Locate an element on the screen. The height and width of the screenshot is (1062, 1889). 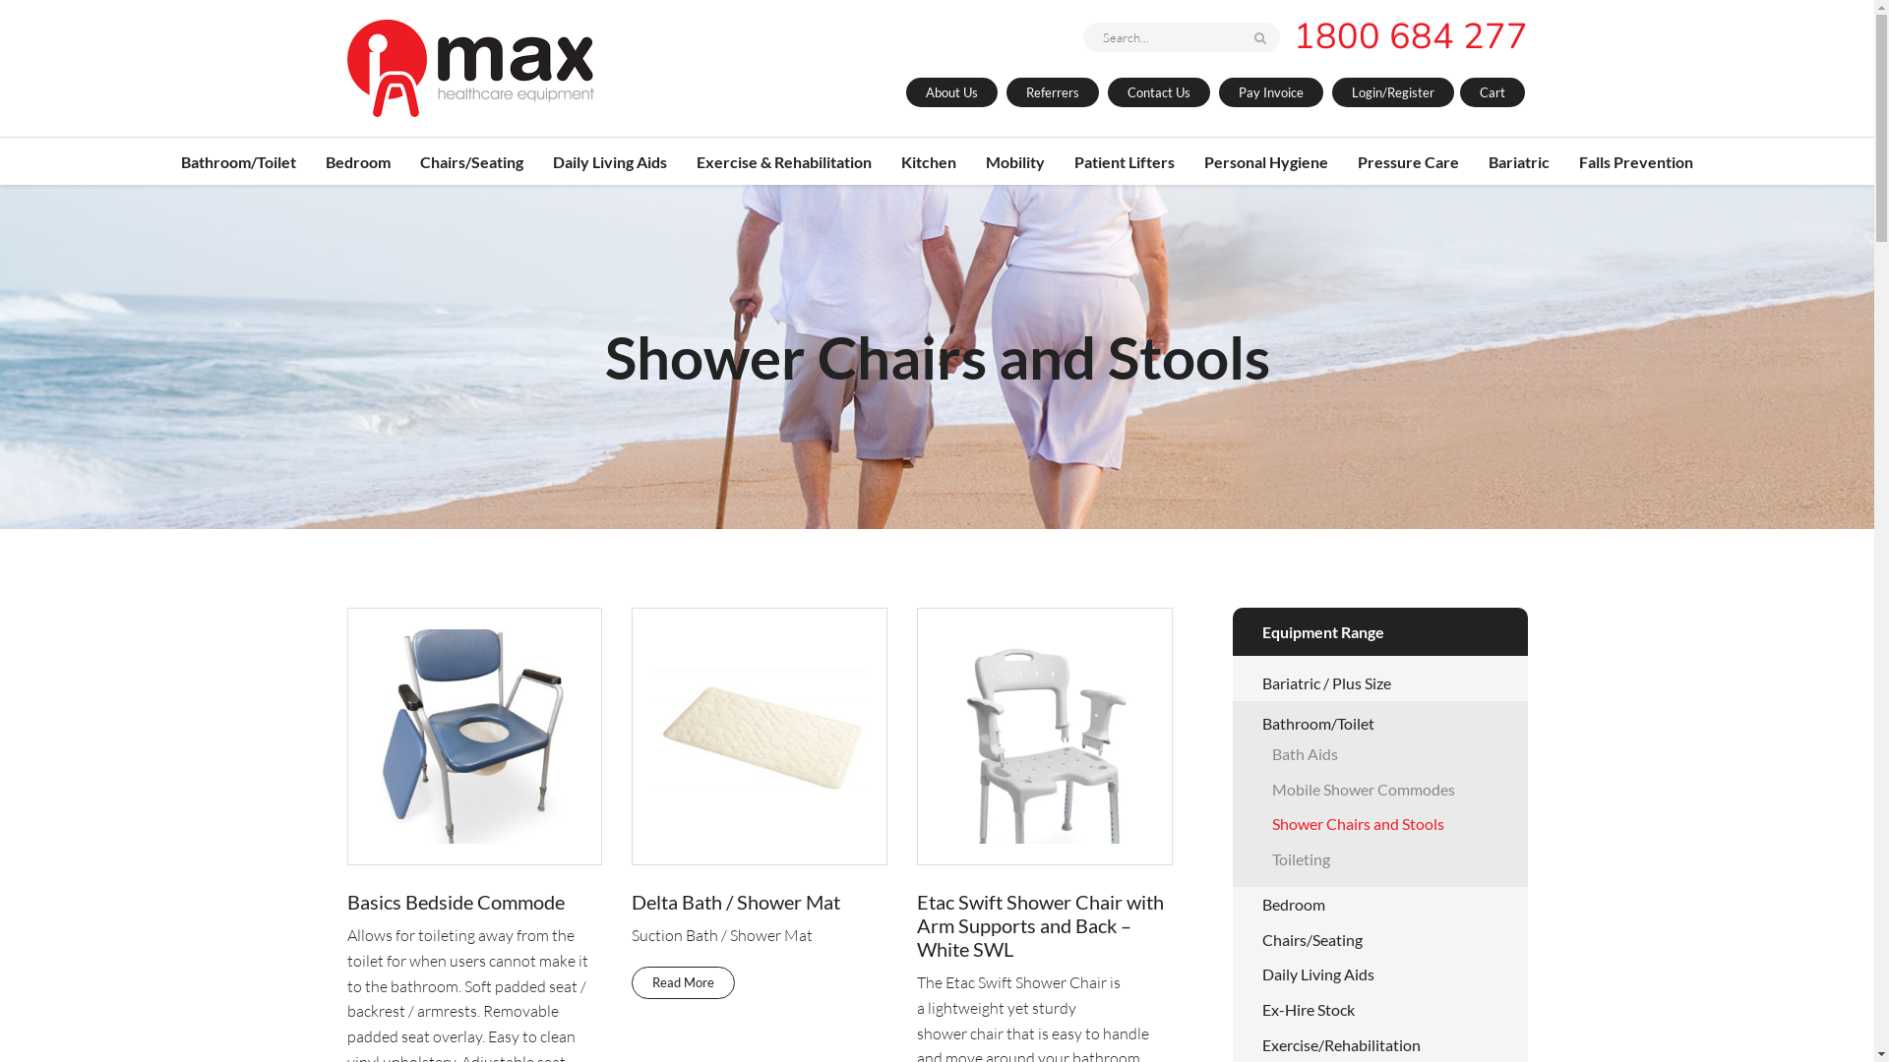
'Bedroom' is located at coordinates (1293, 904).